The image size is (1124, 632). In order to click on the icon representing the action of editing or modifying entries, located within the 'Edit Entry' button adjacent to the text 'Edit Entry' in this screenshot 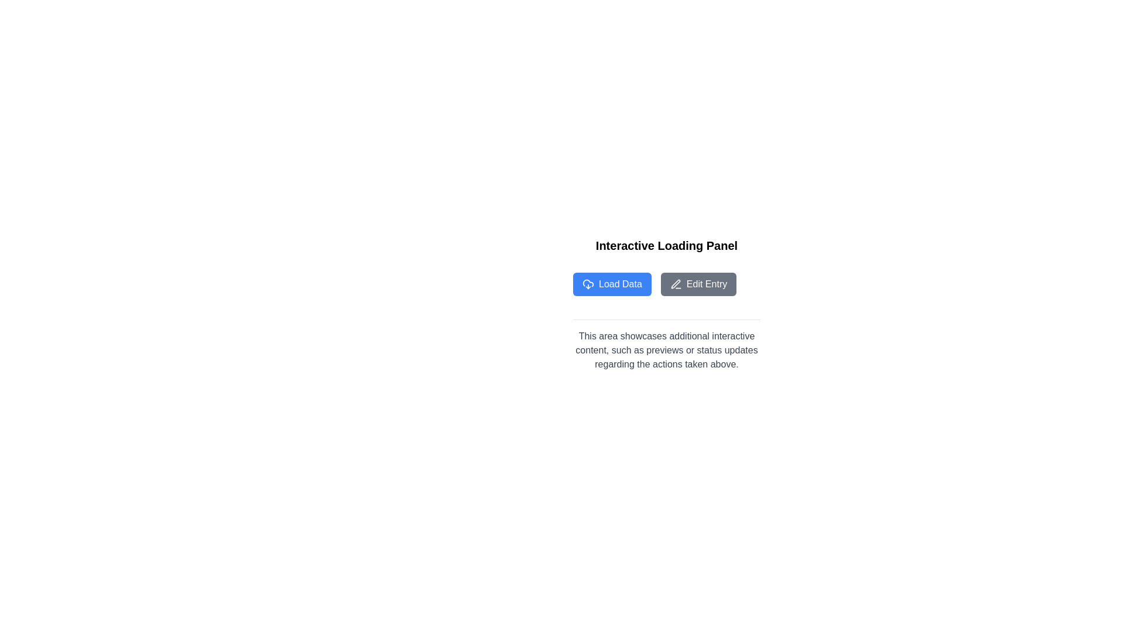, I will do `click(676, 284)`.